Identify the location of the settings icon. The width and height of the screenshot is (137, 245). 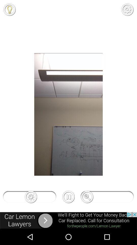
(127, 9).